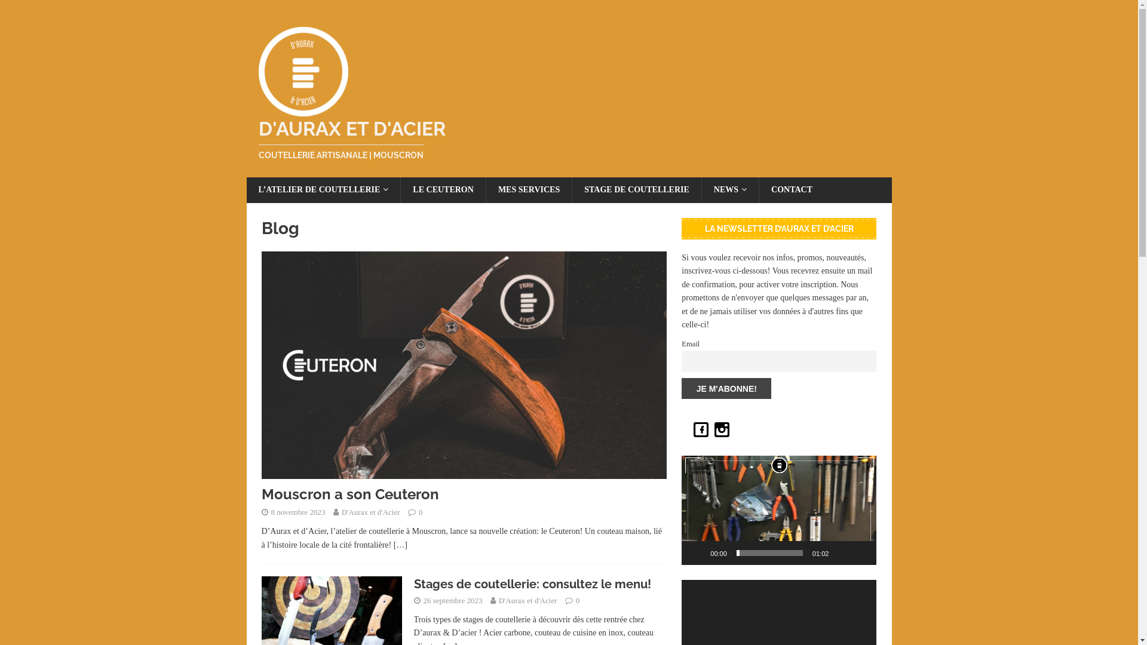  What do you see at coordinates (725, 389) in the screenshot?
I see `'Je m'abonne!'` at bounding box center [725, 389].